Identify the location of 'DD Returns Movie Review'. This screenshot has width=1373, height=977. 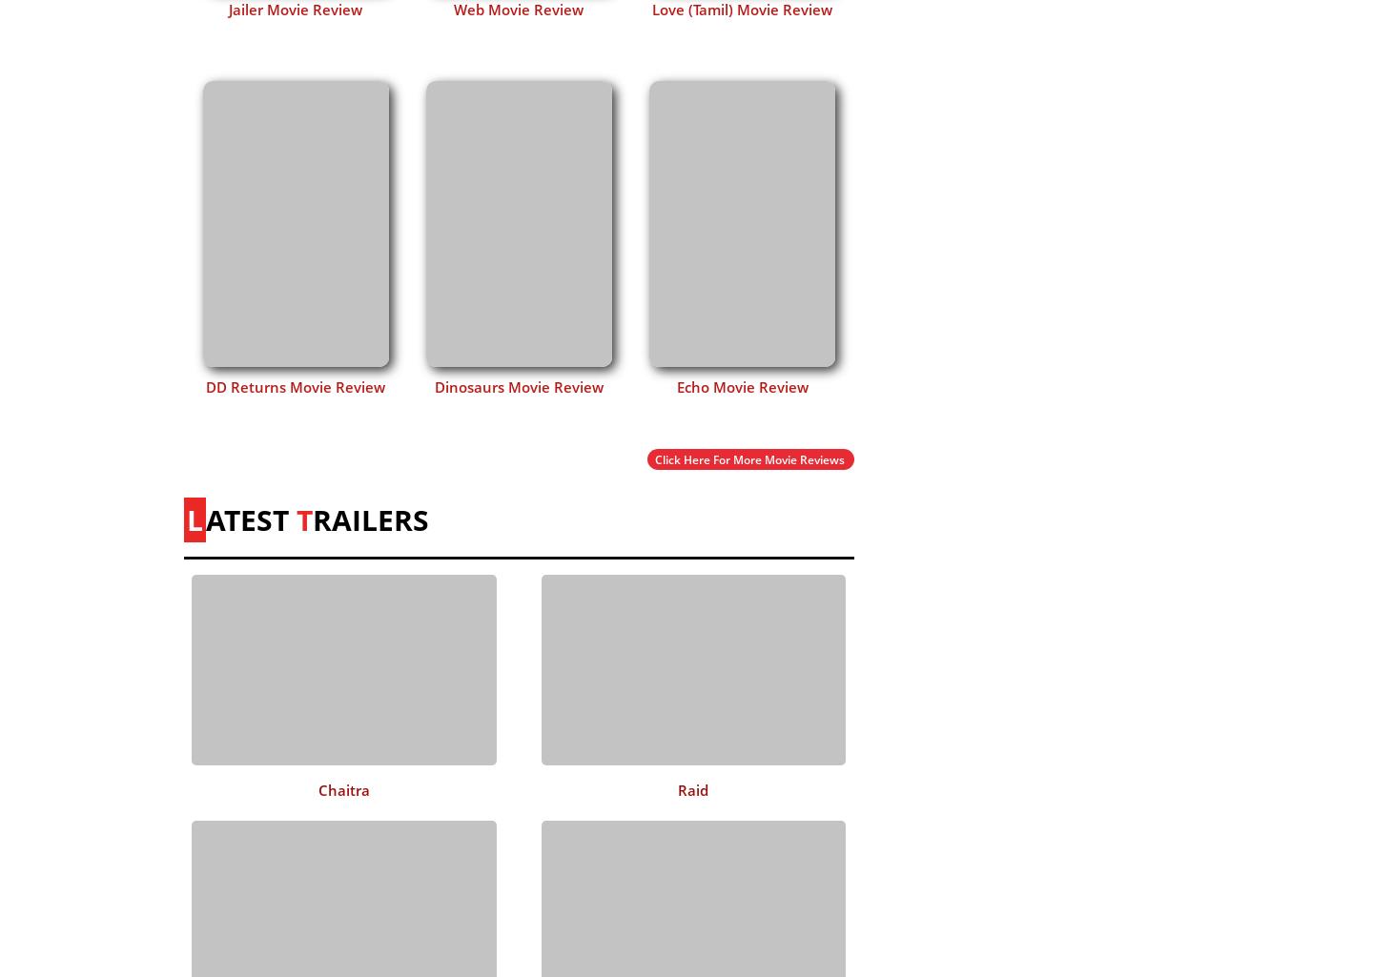
(206, 385).